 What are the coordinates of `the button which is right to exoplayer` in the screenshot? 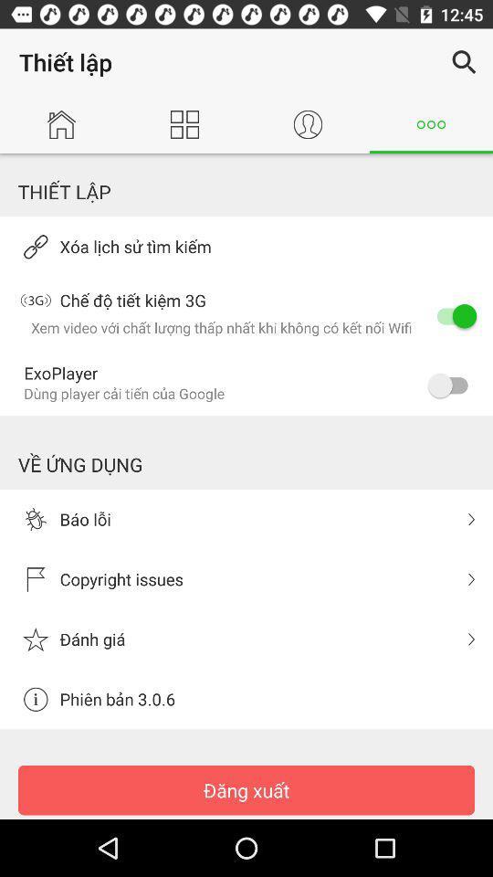 It's located at (451, 385).